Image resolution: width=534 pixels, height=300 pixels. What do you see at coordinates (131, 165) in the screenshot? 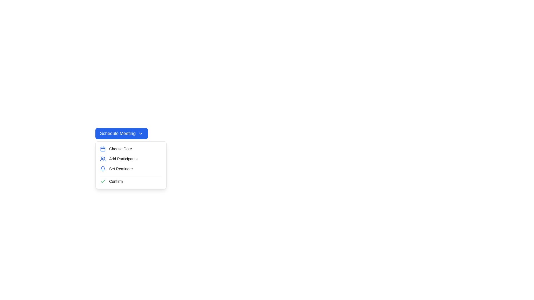
I see `the highlighted list item with the bell icon and the text 'Set Reminder'` at bounding box center [131, 165].